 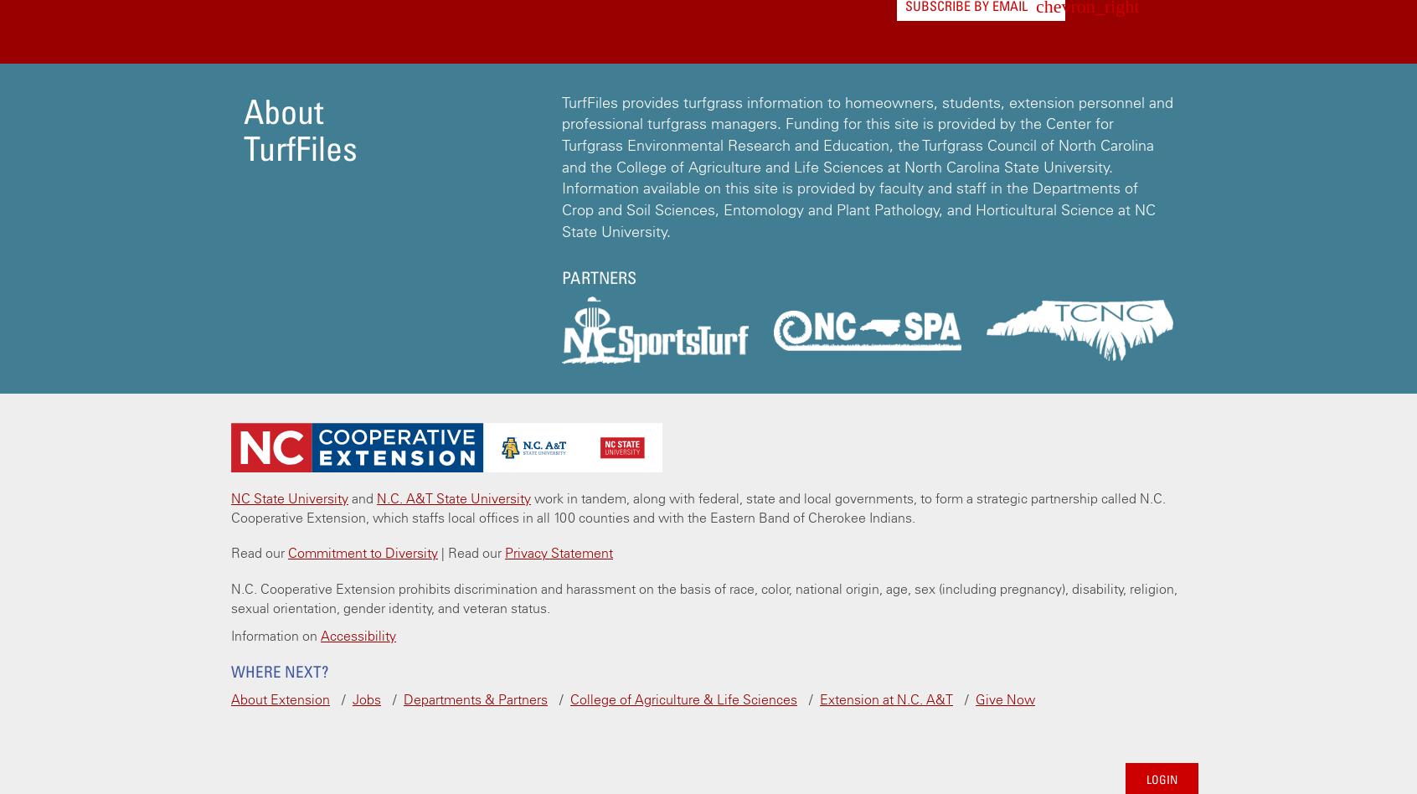 I want to click on 'About', so click(x=282, y=109).